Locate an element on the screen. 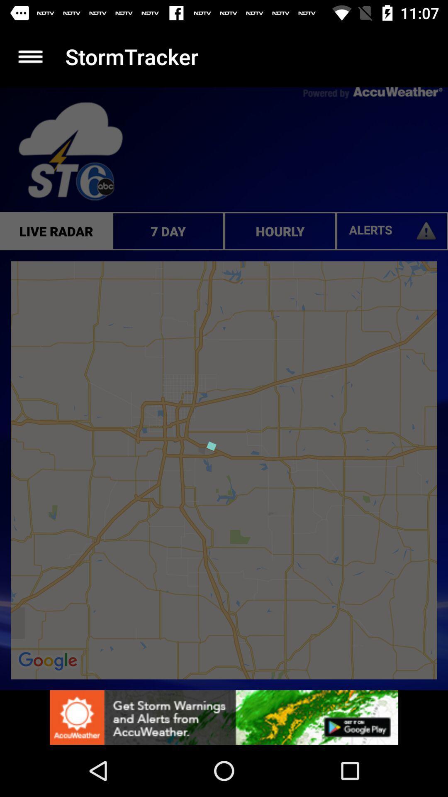 This screenshot has height=797, width=448. the menu icon is located at coordinates (30, 56).